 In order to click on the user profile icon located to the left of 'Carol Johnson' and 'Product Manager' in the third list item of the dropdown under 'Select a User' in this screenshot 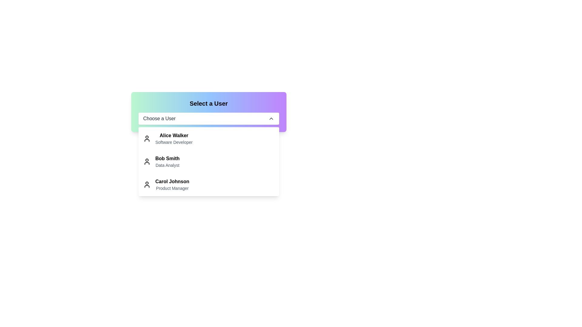, I will do `click(147, 184)`.